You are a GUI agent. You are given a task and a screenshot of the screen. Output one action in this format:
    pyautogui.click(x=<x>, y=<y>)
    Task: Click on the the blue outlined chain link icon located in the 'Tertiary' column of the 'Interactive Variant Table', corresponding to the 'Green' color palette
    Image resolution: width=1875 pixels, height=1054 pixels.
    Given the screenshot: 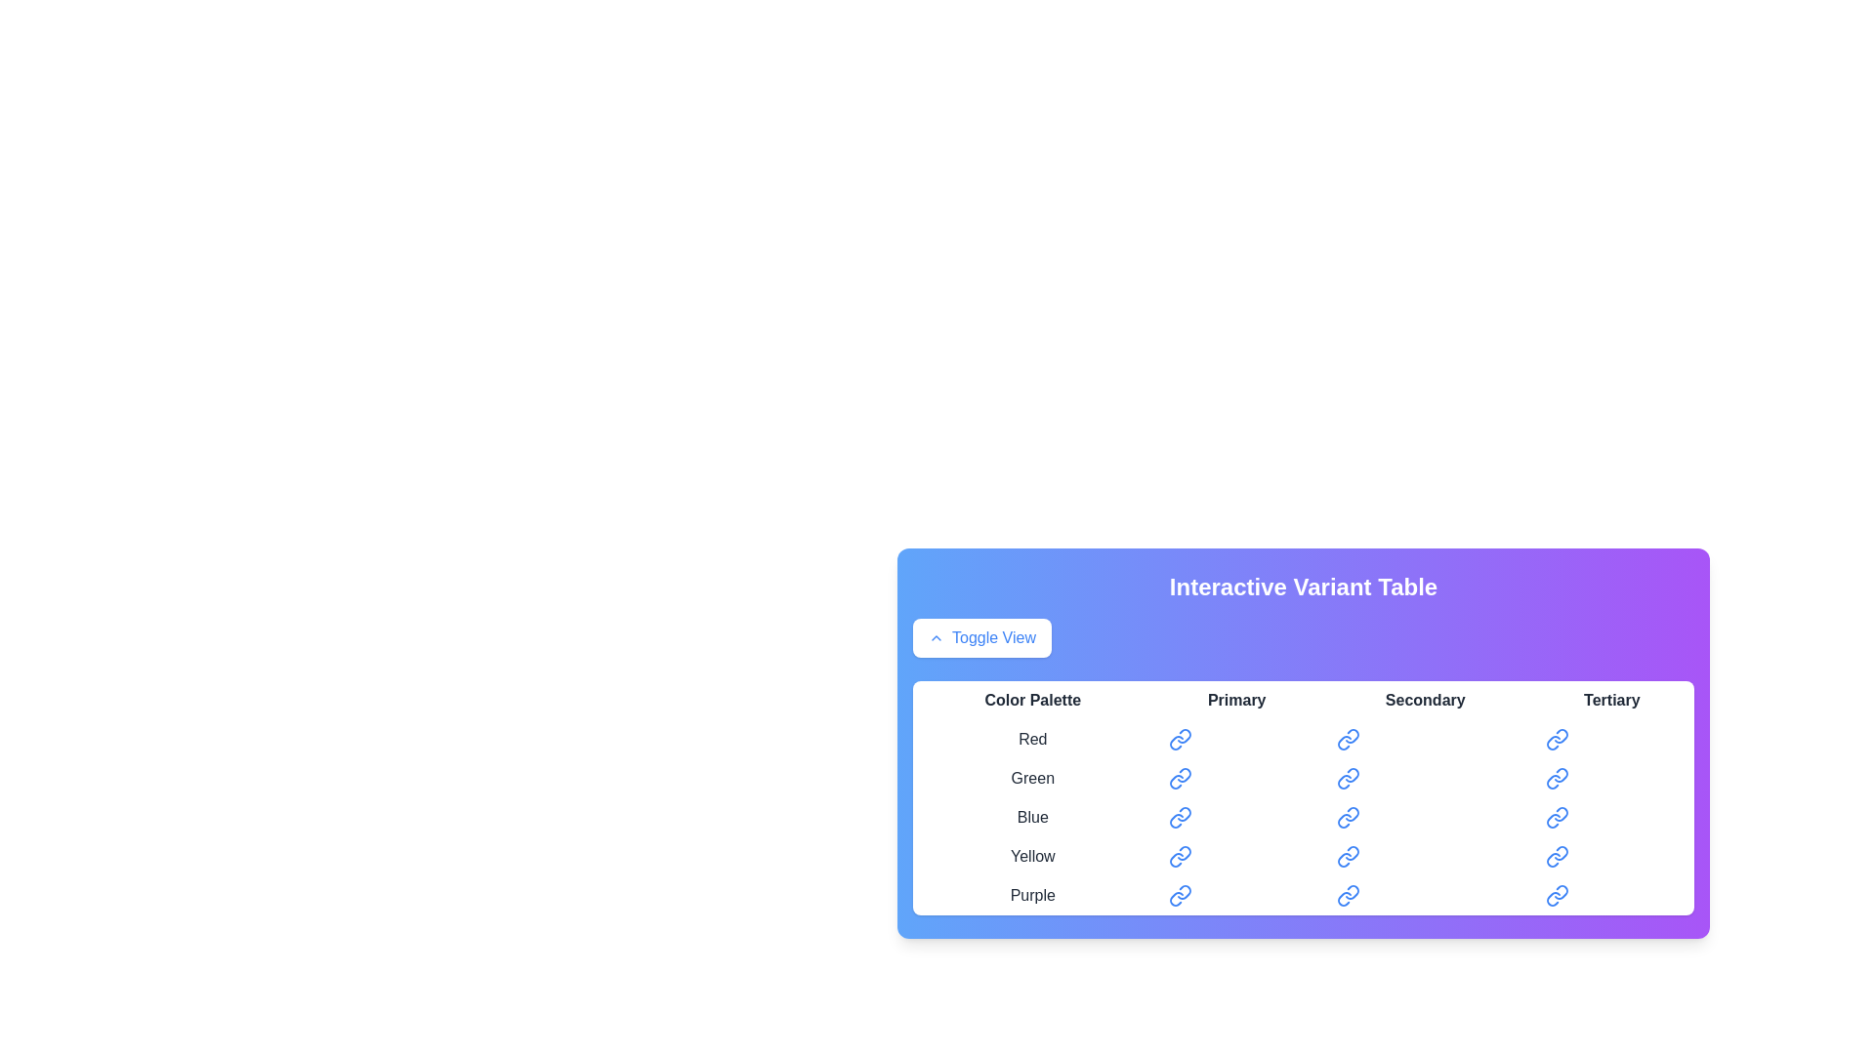 What is the action you would take?
    pyautogui.click(x=1560, y=774)
    